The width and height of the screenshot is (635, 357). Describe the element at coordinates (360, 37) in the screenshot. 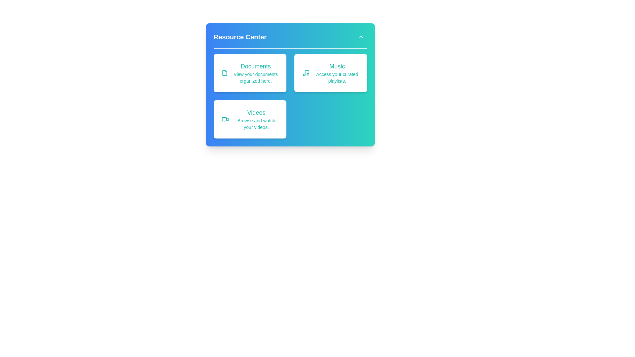

I see `the expand/collapse button to toggle the menu` at that location.